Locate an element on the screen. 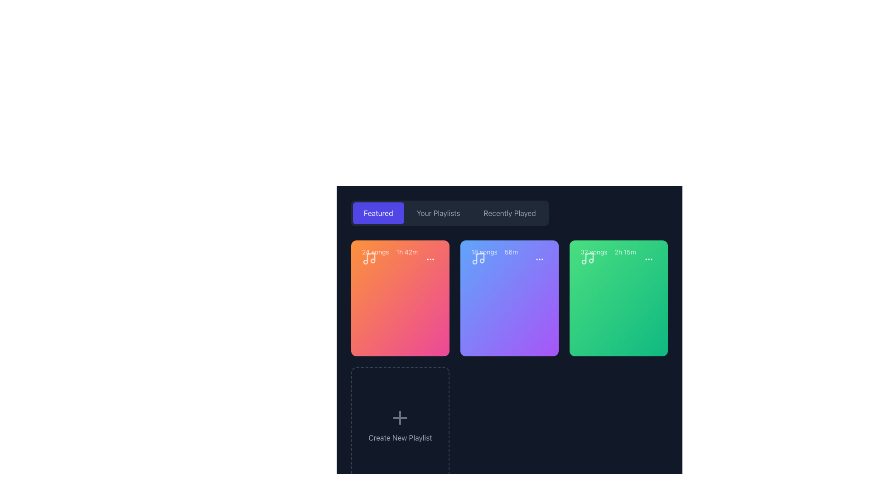  the static text information displaying metadata about the playlist content, which shows the number of songs and total duration located at the bottom of the second card is located at coordinates (494, 252).